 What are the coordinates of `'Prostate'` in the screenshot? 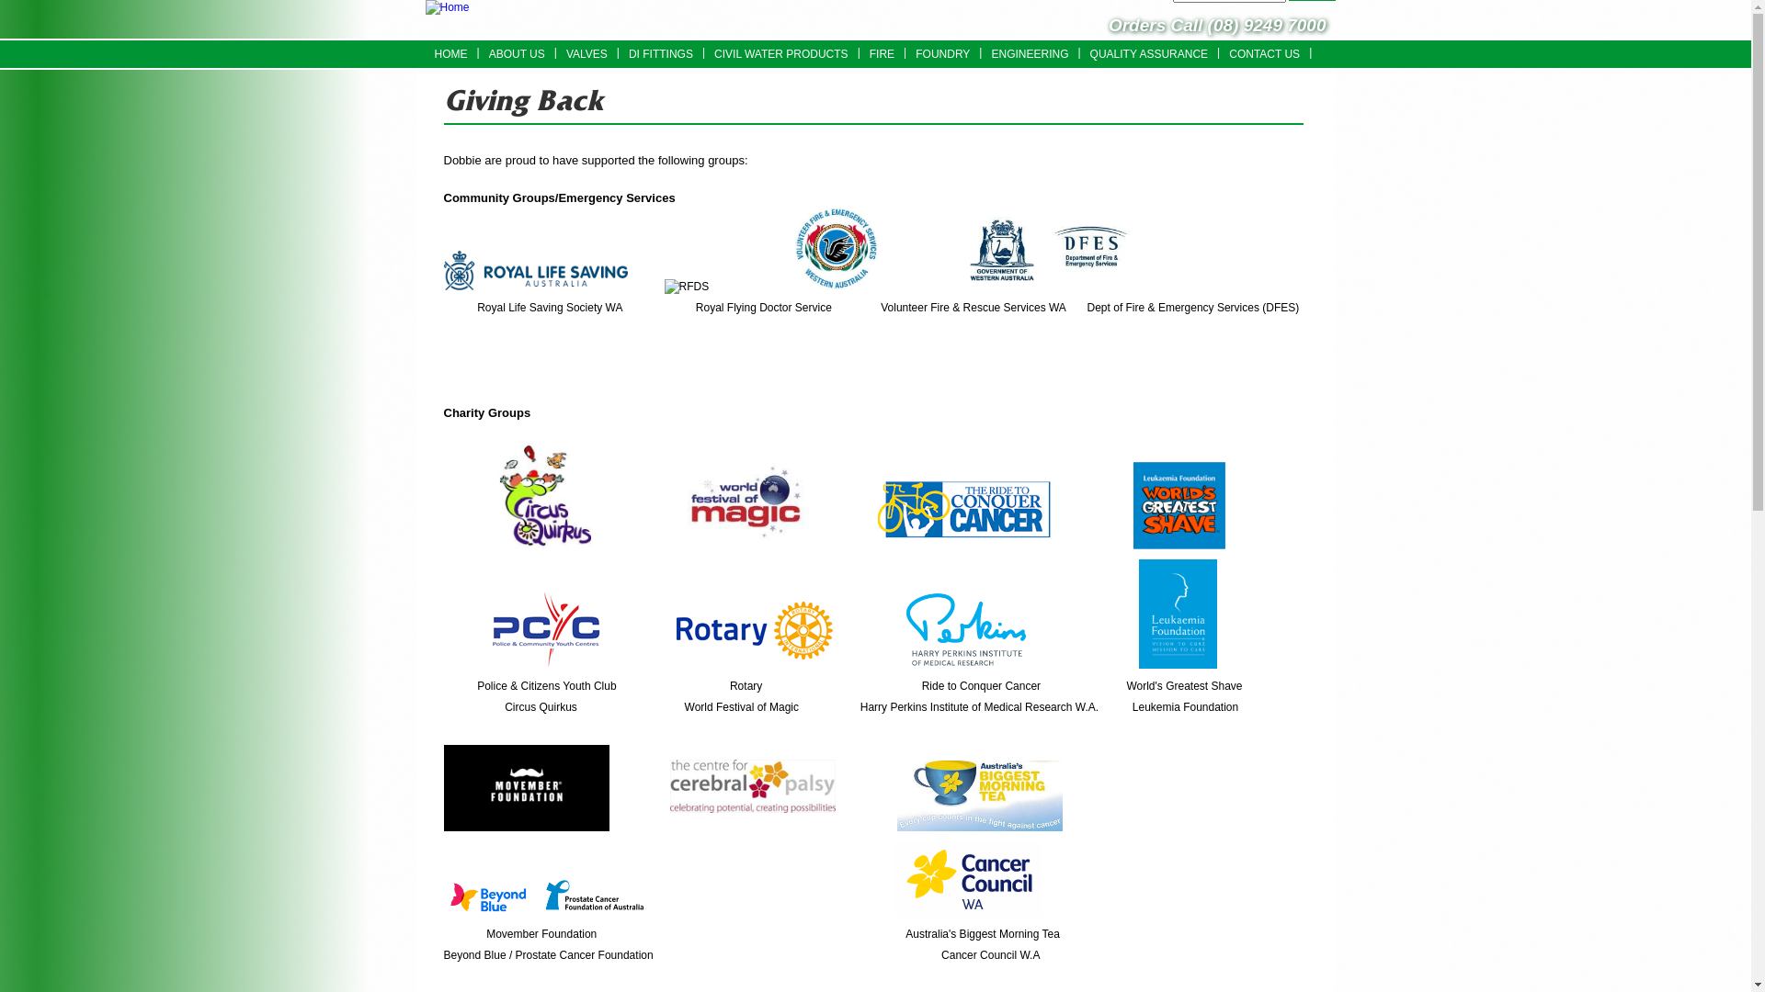 It's located at (529, 895).